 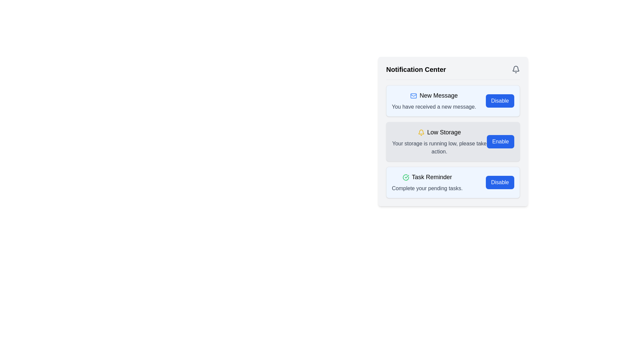 I want to click on the informational Text Label that communicates a low storage condition, located within the 'Low Storage' notification card in the 'Notification Center', so click(x=439, y=147).